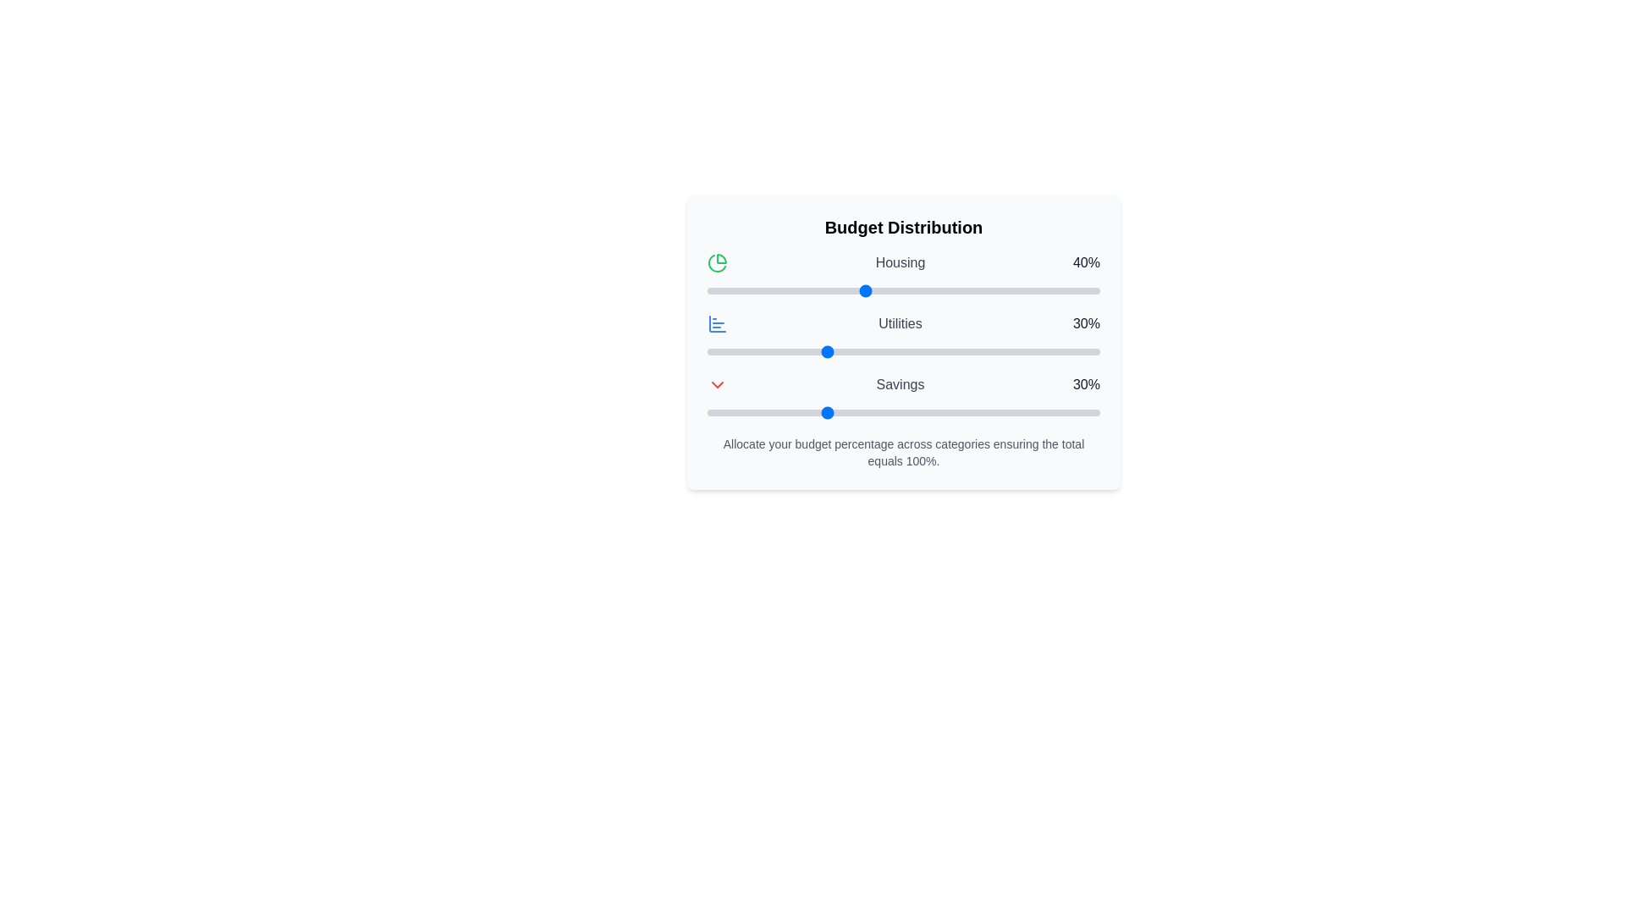 The height and width of the screenshot is (914, 1625). I want to click on the informational row element that displays the 'Utilities' budget allocation, located between the 'Housing' and 'Savings' categories, so click(903, 323).